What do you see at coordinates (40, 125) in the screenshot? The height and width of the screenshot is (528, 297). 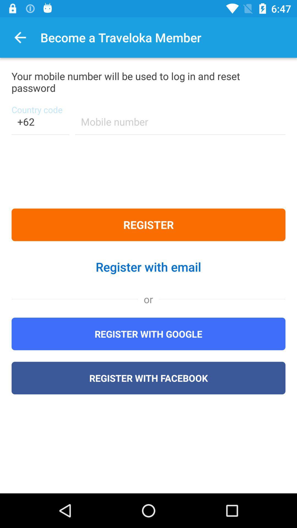 I see `the item below the your mobile number item` at bounding box center [40, 125].